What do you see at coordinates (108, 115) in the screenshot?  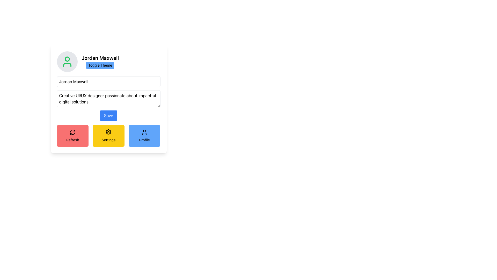 I see `the 'Save' button with a blue background and rounded corners` at bounding box center [108, 115].